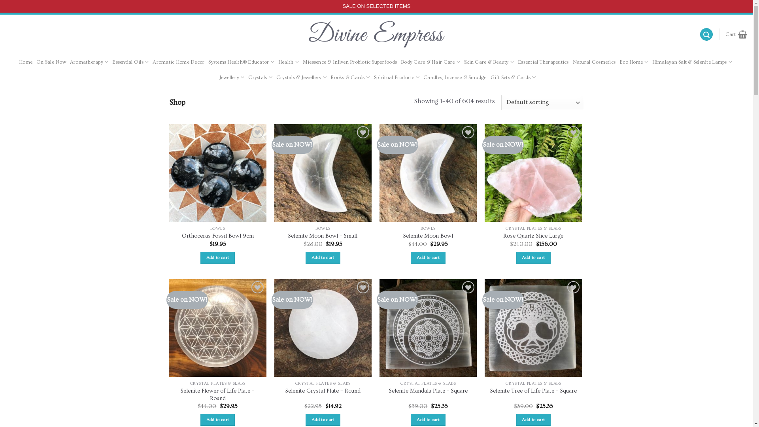 Image resolution: width=759 pixels, height=427 pixels. What do you see at coordinates (428, 236) in the screenshot?
I see `'Selenite Moon Bowl'` at bounding box center [428, 236].